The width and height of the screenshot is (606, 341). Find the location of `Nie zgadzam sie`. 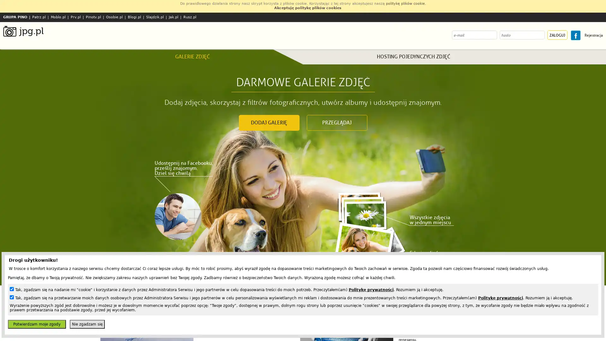

Nie zgadzam sie is located at coordinates (87, 324).